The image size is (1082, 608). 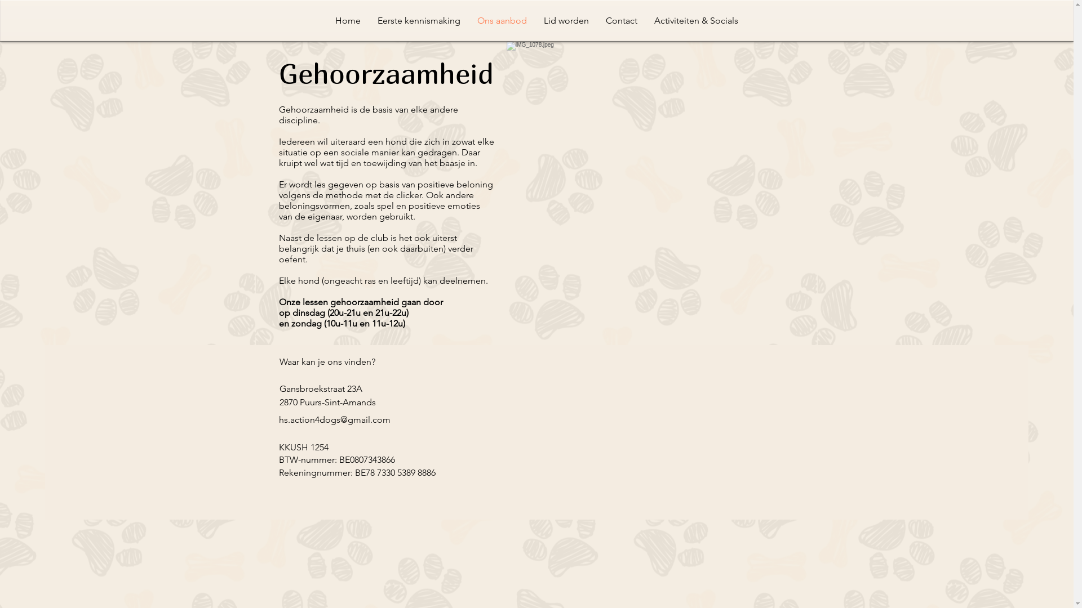 I want to click on 'Contact', so click(x=621, y=21).